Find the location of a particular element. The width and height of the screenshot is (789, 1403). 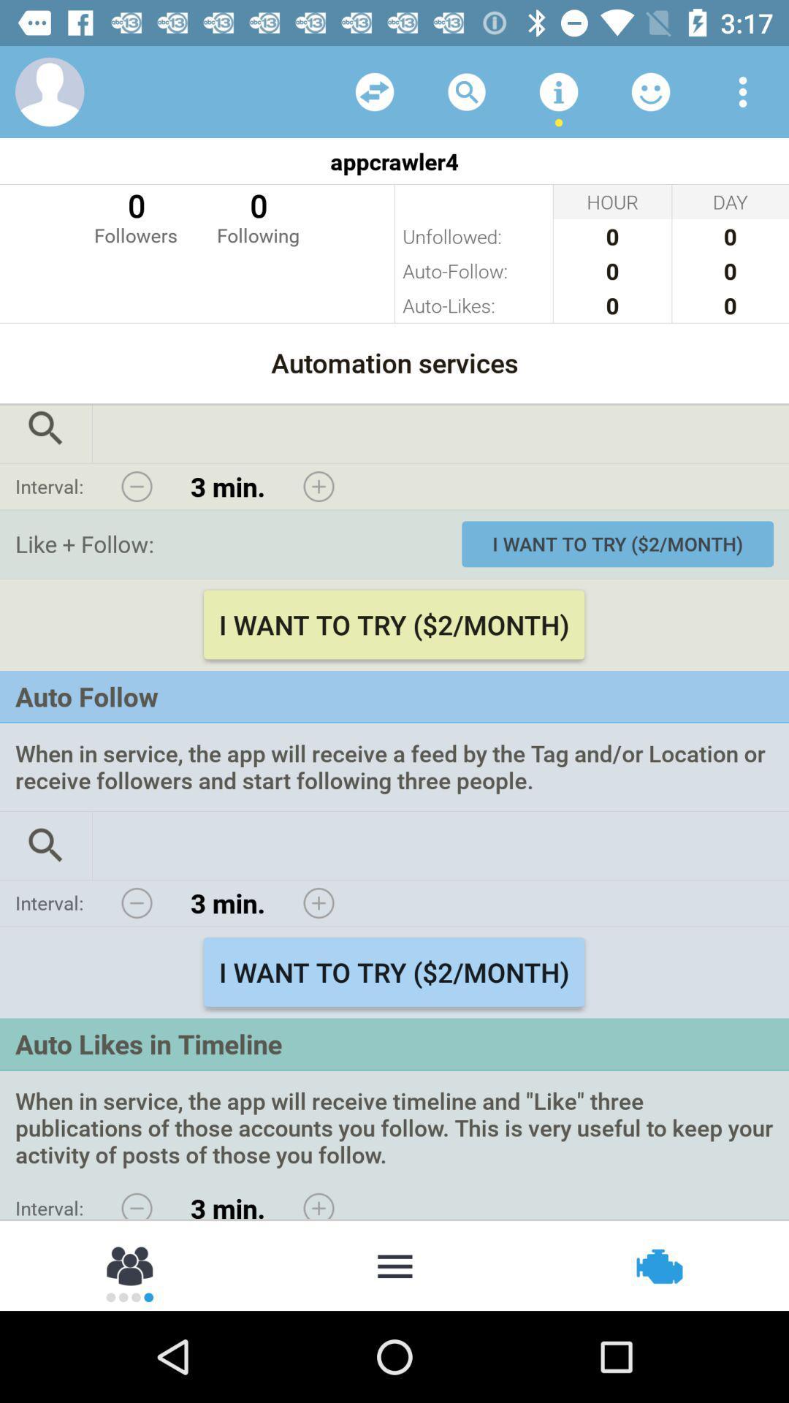

the icon below 3 min. item is located at coordinates (394, 1264).